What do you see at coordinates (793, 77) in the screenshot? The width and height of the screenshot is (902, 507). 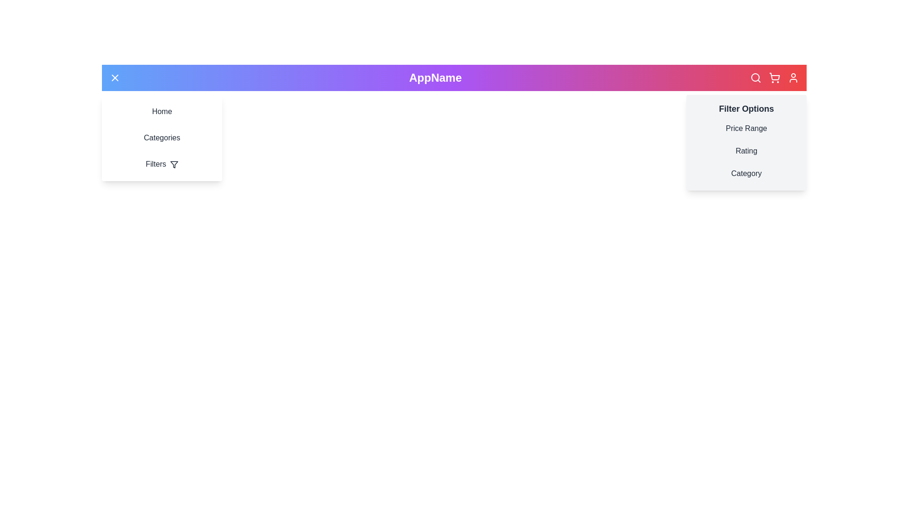 I see `the user profile access button located at the far-right side of the horizontal navigation bar, which is the last icon among a sequence of three icons` at bounding box center [793, 77].